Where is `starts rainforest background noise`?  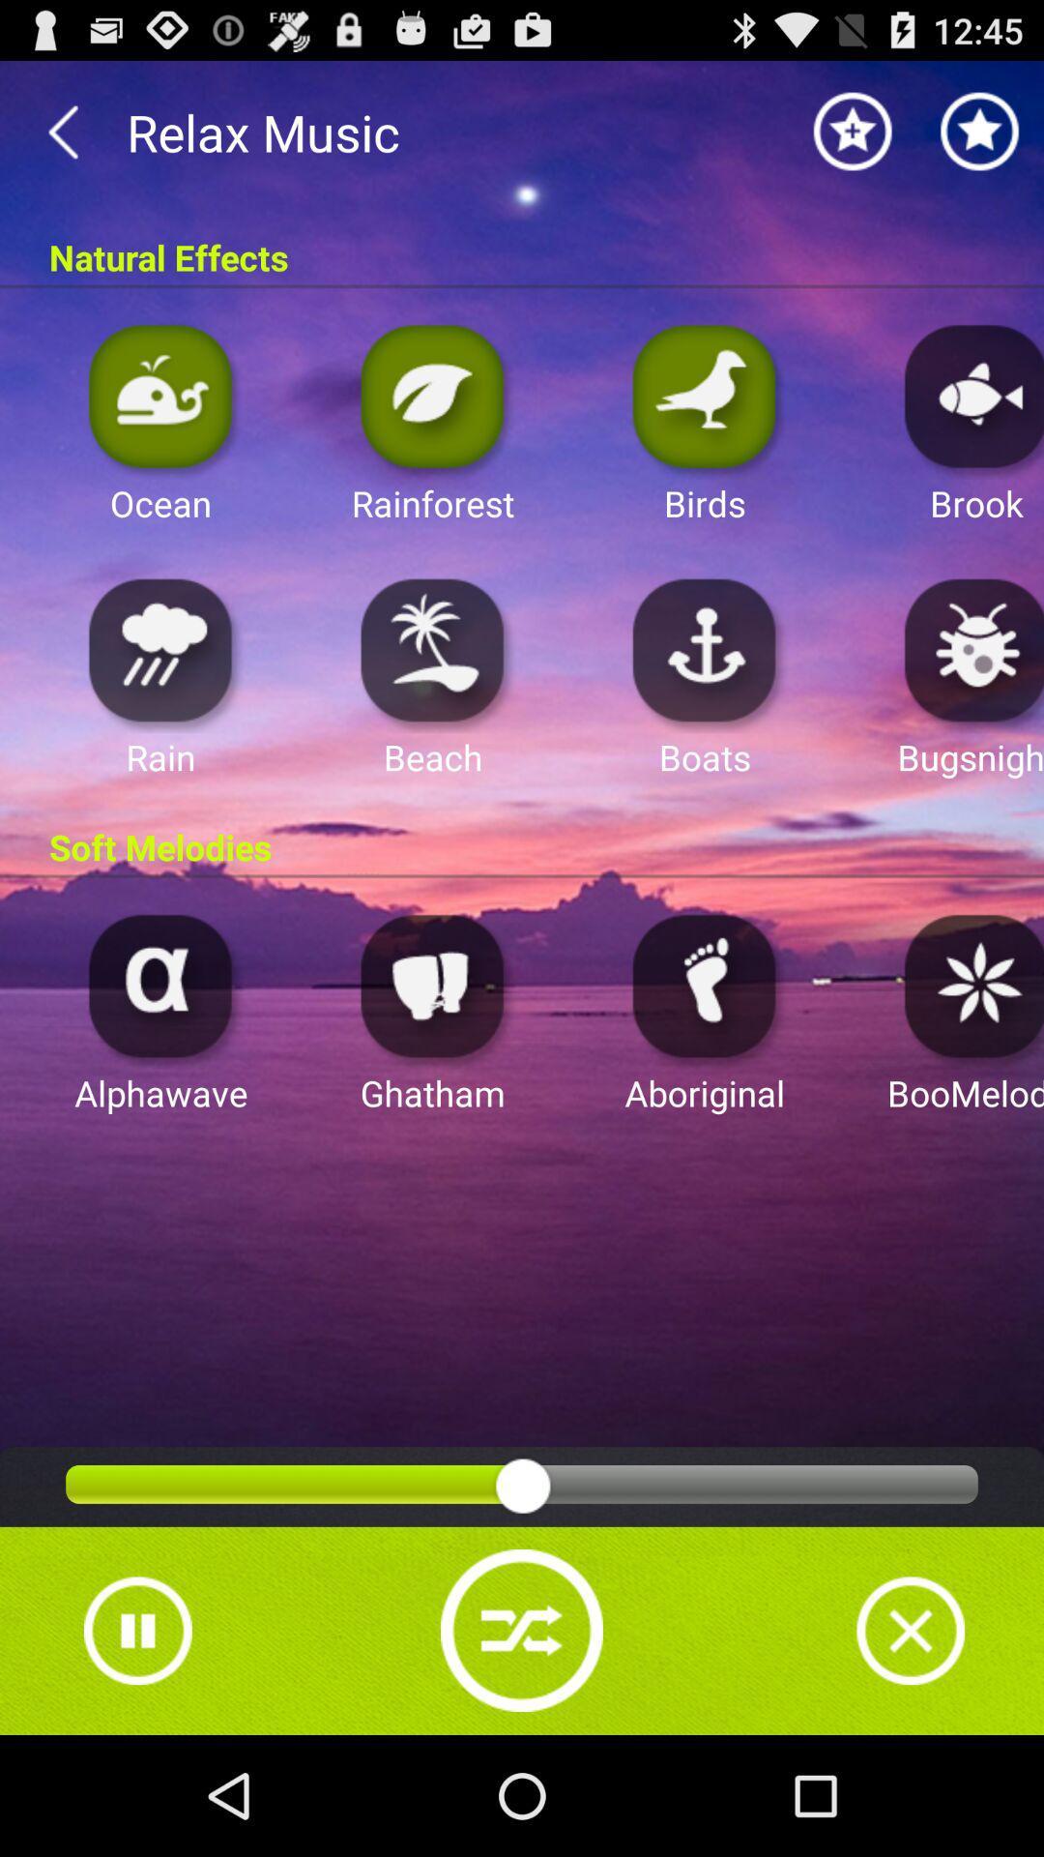
starts rainforest background noise is located at coordinates (432, 395).